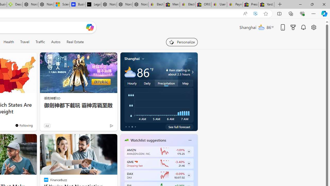 This screenshot has width=330, height=186. Describe the element at coordinates (126, 127) in the screenshot. I see `'tab-0'` at that location.